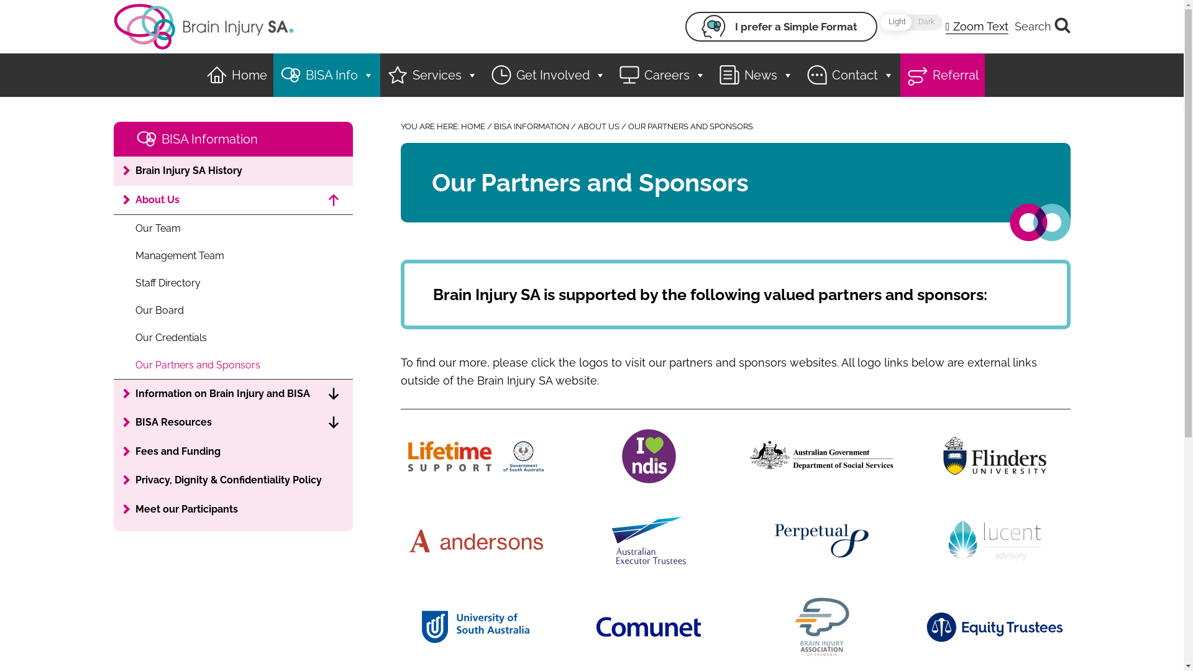  I want to click on 'Staff Directory', so click(232, 283).